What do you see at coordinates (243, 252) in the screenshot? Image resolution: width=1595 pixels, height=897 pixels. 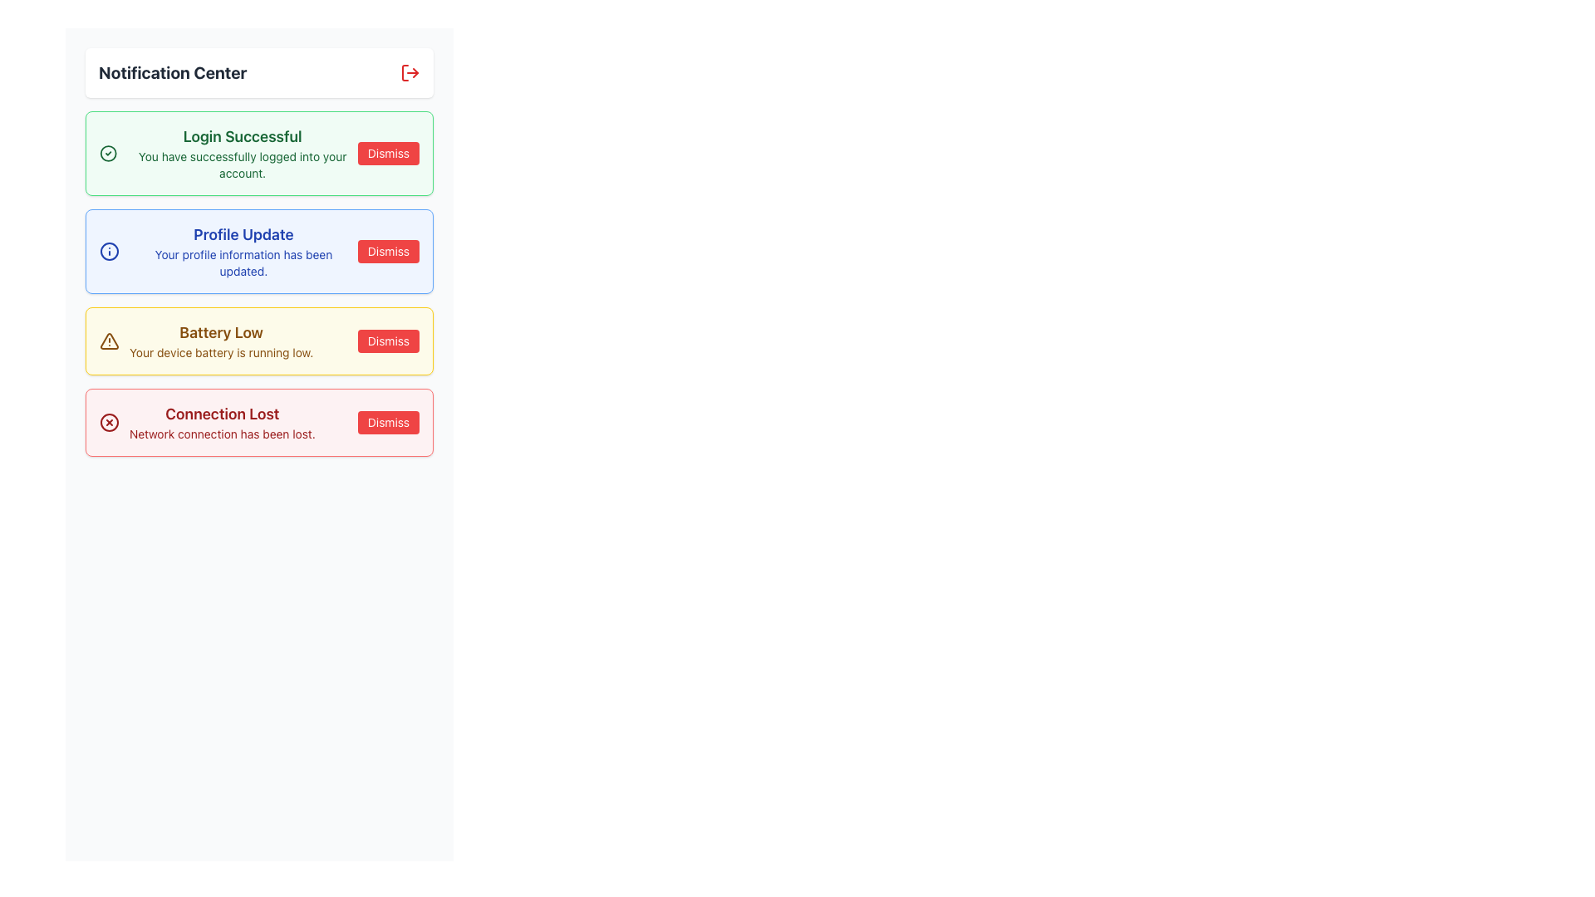 I see `the informational text indicating that the user's profile information has been successfully updated, which is located in the second notification card with a blue border and background` at bounding box center [243, 252].